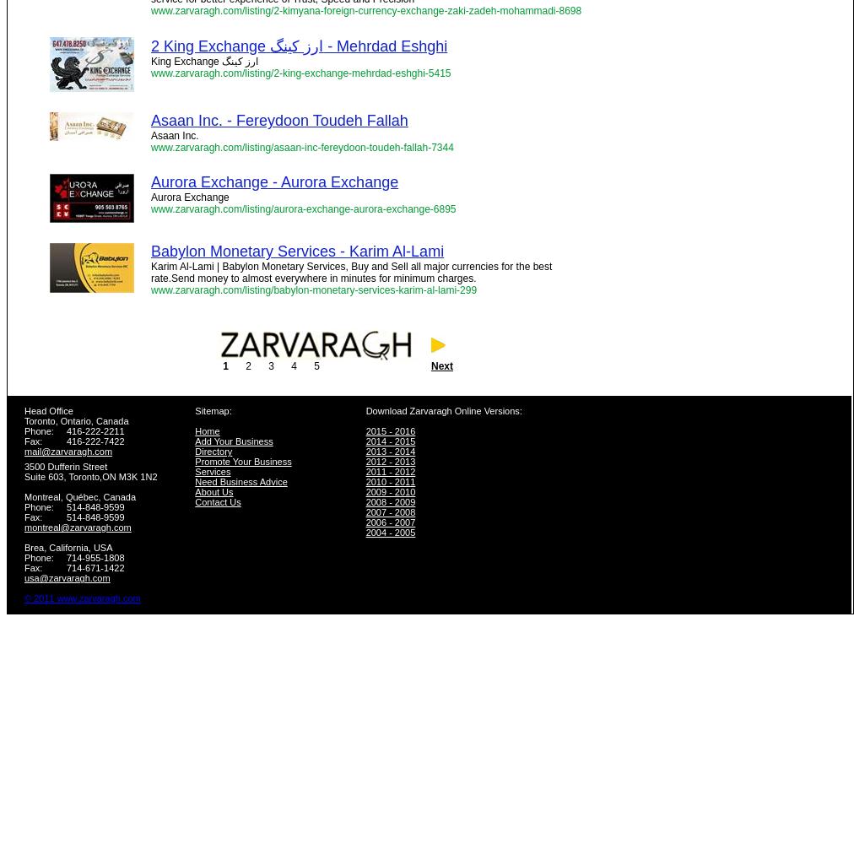  What do you see at coordinates (390, 491) in the screenshot?
I see `'2009 - 2010'` at bounding box center [390, 491].